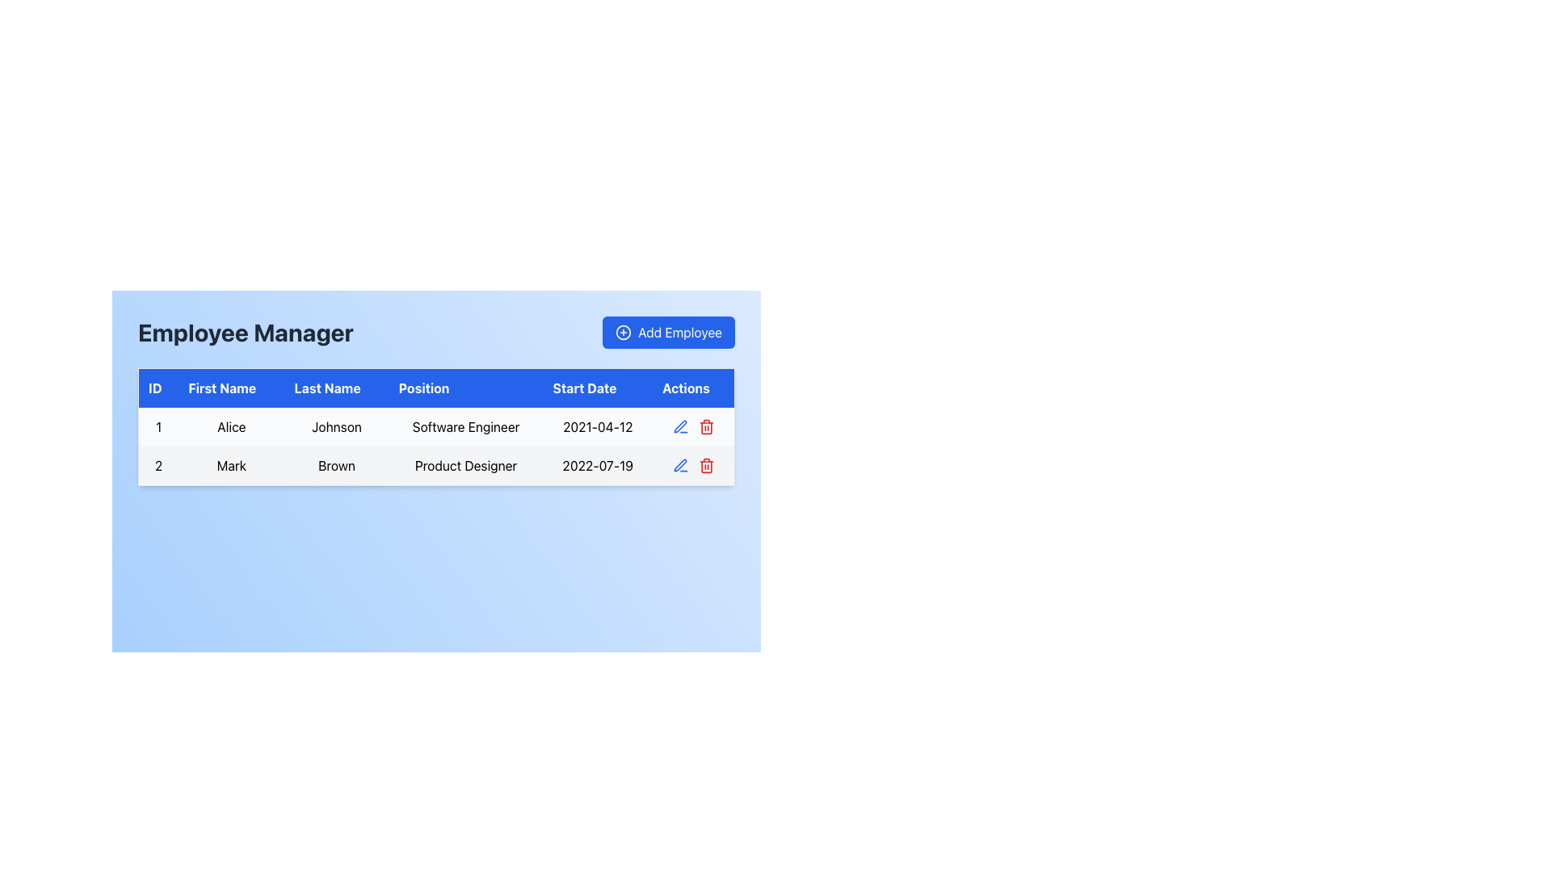 The height and width of the screenshot is (872, 1551). Describe the element at coordinates (680, 426) in the screenshot. I see `the blue-colored pen icon representing an edit action located in the 'Actions' column of the second row in the employee table` at that location.